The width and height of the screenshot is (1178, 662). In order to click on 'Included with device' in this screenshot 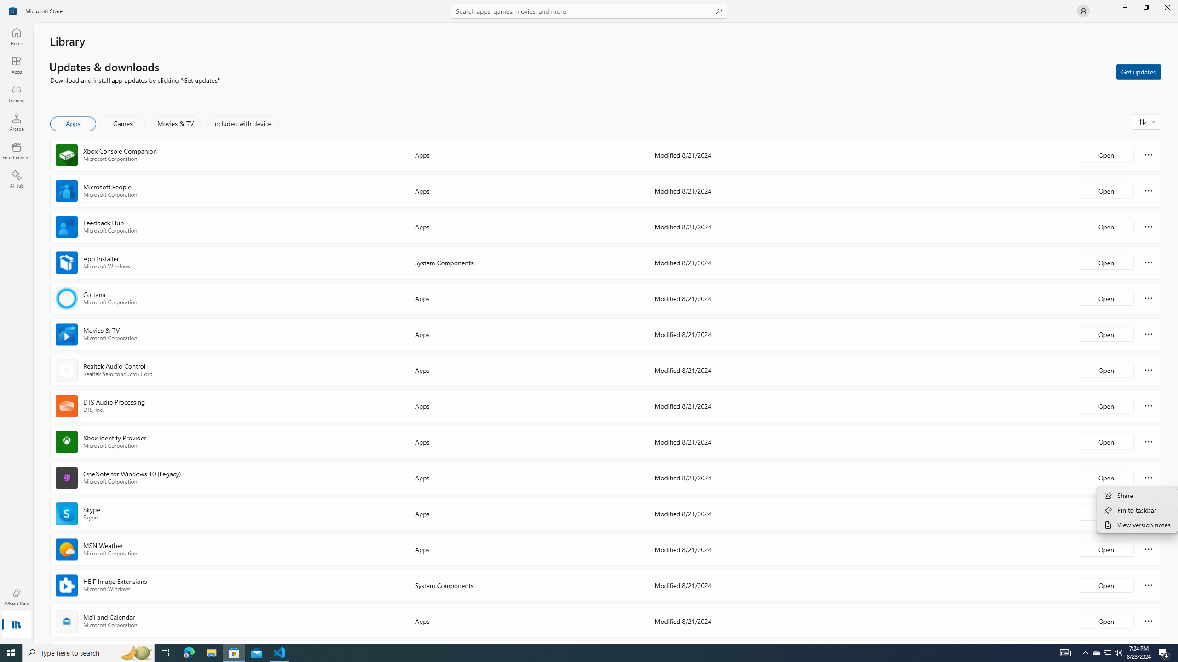, I will do `click(242, 123)`.